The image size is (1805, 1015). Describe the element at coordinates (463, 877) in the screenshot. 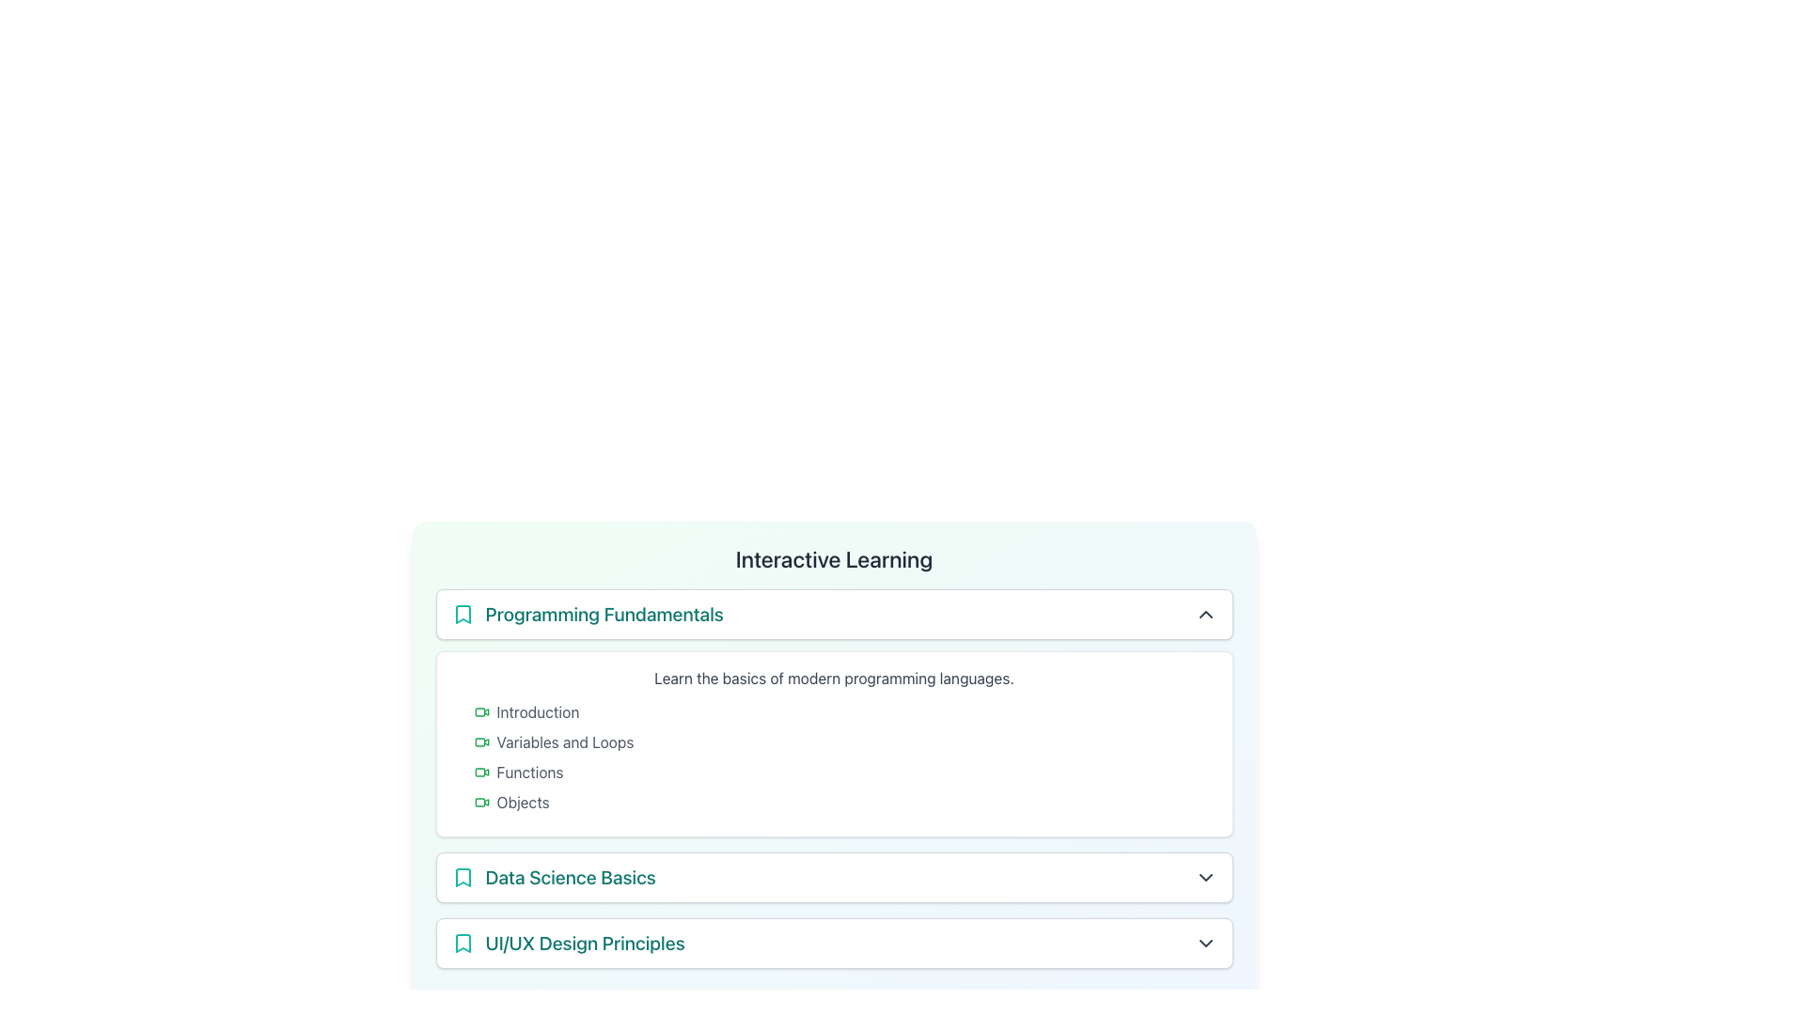

I see `the Icon (SVG graphic) associated with the 'Data Science Basics' section, which is positioned in the second row of the list beneath 'Programming Fundamentals'` at that location.